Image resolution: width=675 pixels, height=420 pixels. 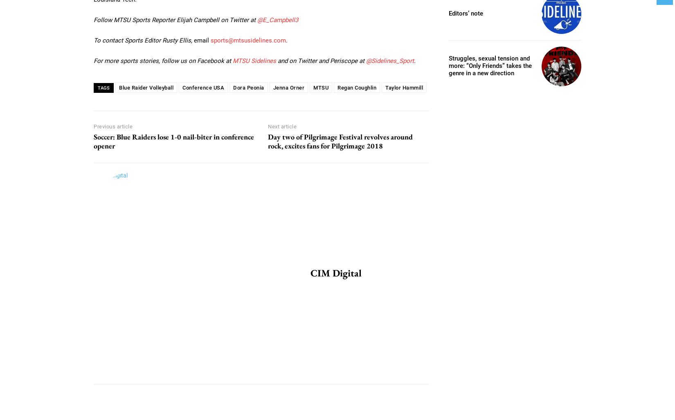 I want to click on ', email', so click(x=200, y=39).